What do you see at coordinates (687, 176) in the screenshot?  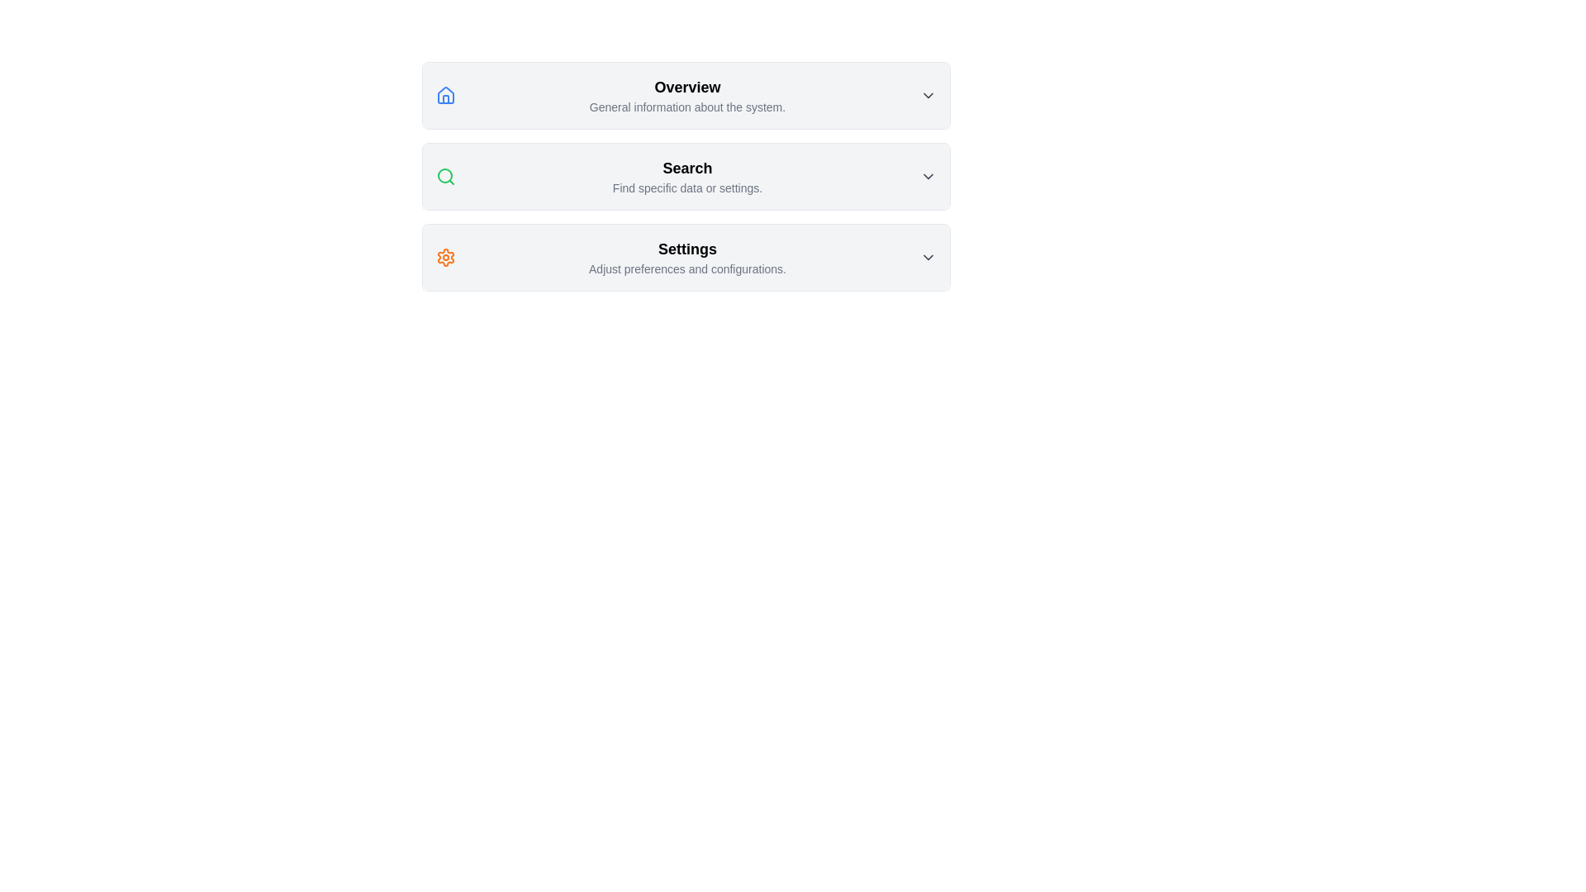 I see `the 'Search' text display element, which features a bold title and descriptive text, located between 'Overview' and 'Settings'` at bounding box center [687, 176].